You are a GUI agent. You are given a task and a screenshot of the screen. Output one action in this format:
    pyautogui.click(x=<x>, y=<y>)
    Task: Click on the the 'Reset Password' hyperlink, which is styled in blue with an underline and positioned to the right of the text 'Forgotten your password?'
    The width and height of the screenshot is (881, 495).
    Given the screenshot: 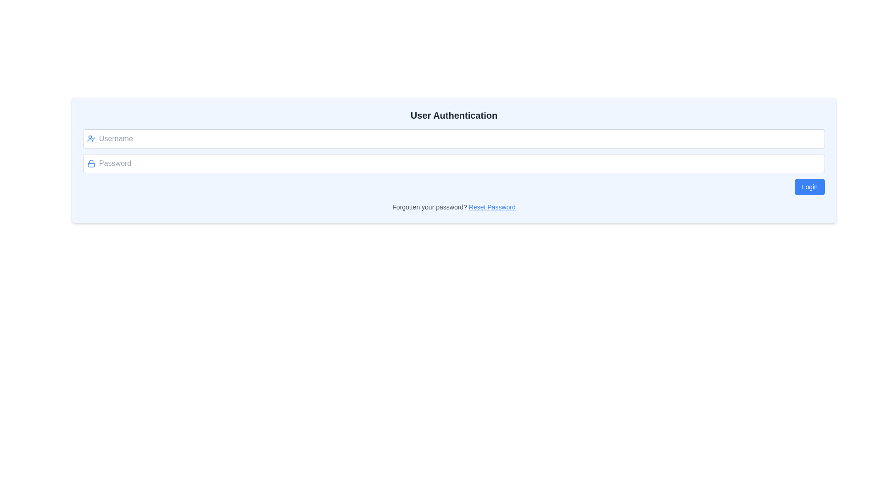 What is the action you would take?
    pyautogui.click(x=491, y=207)
    